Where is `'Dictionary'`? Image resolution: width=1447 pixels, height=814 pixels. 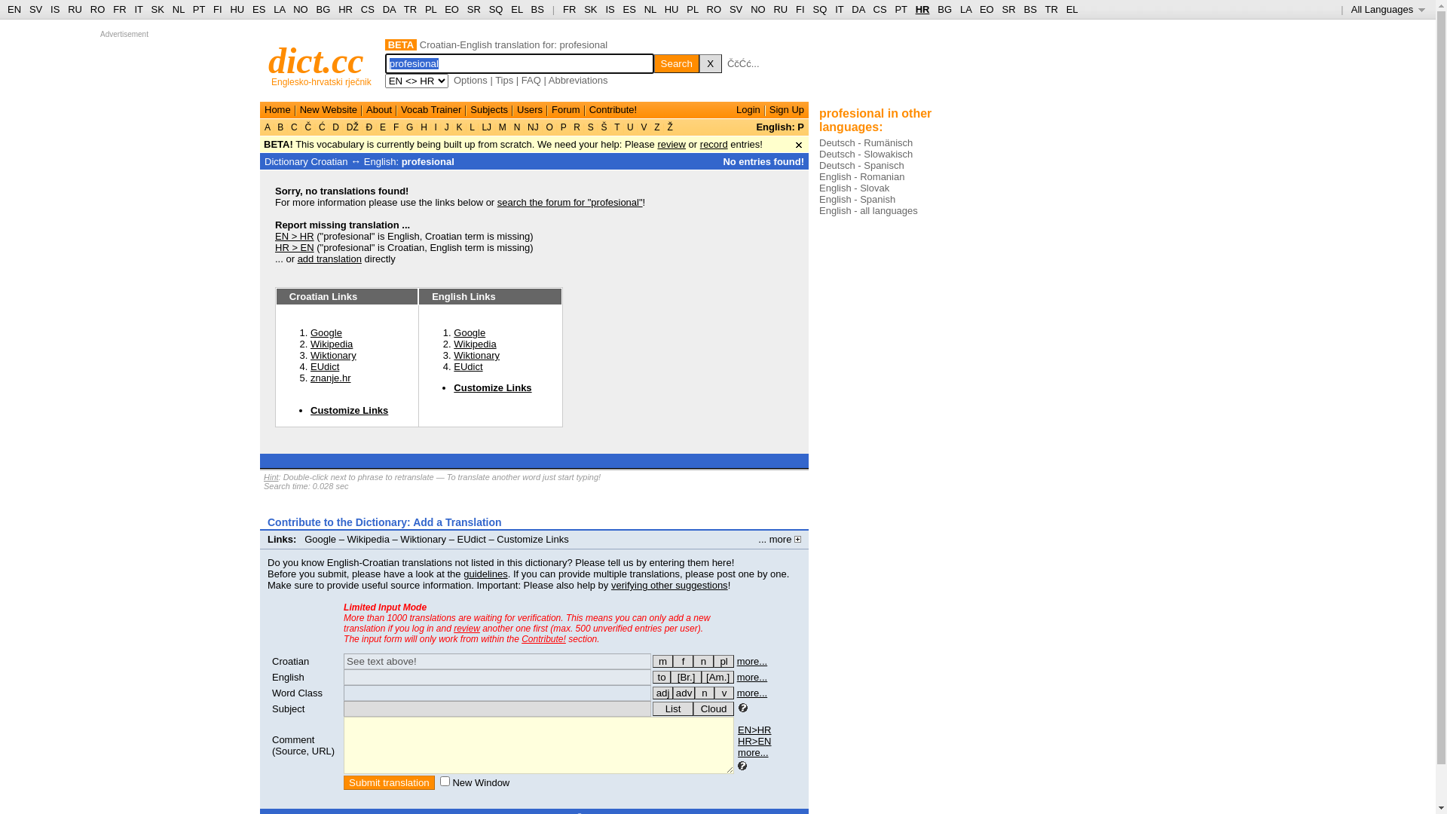
'Dictionary' is located at coordinates (286, 161).